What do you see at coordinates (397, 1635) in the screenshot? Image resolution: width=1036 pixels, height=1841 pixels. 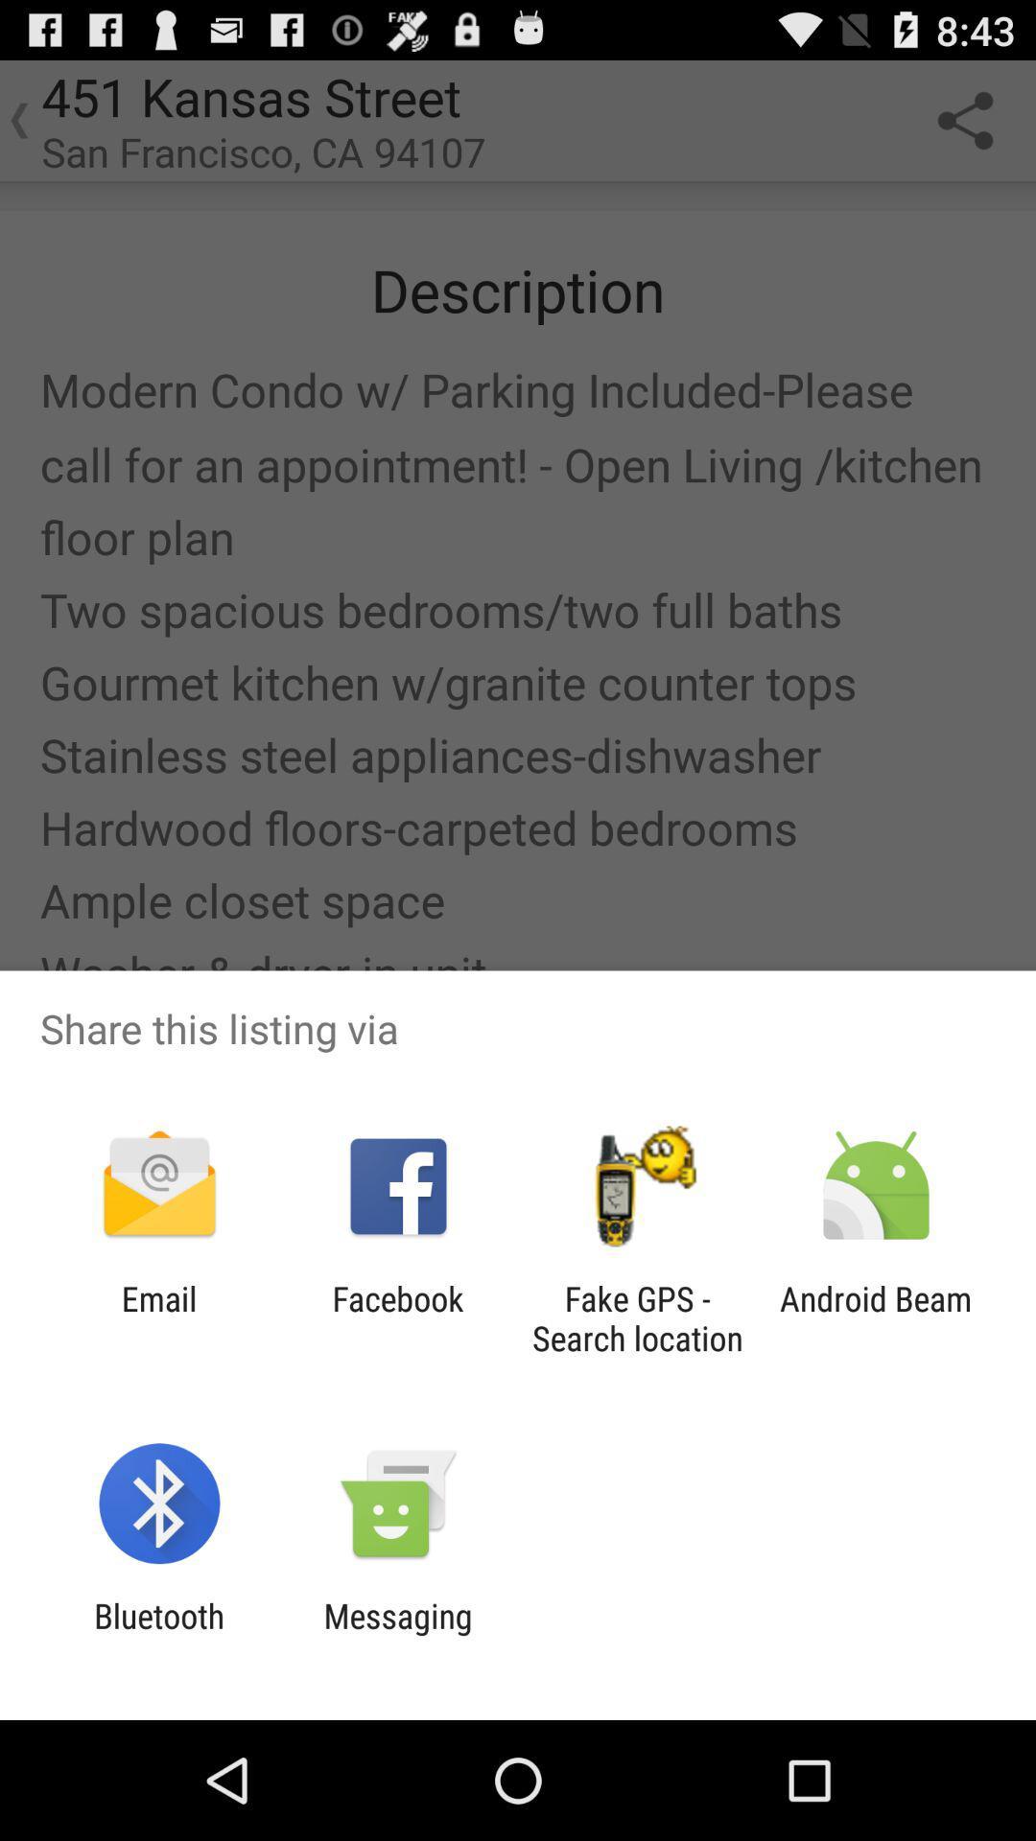 I see `item next to the bluetooth item` at bounding box center [397, 1635].